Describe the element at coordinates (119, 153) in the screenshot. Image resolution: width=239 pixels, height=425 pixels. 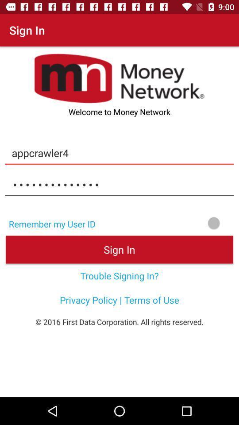
I see `item below the welcome to money icon` at that location.